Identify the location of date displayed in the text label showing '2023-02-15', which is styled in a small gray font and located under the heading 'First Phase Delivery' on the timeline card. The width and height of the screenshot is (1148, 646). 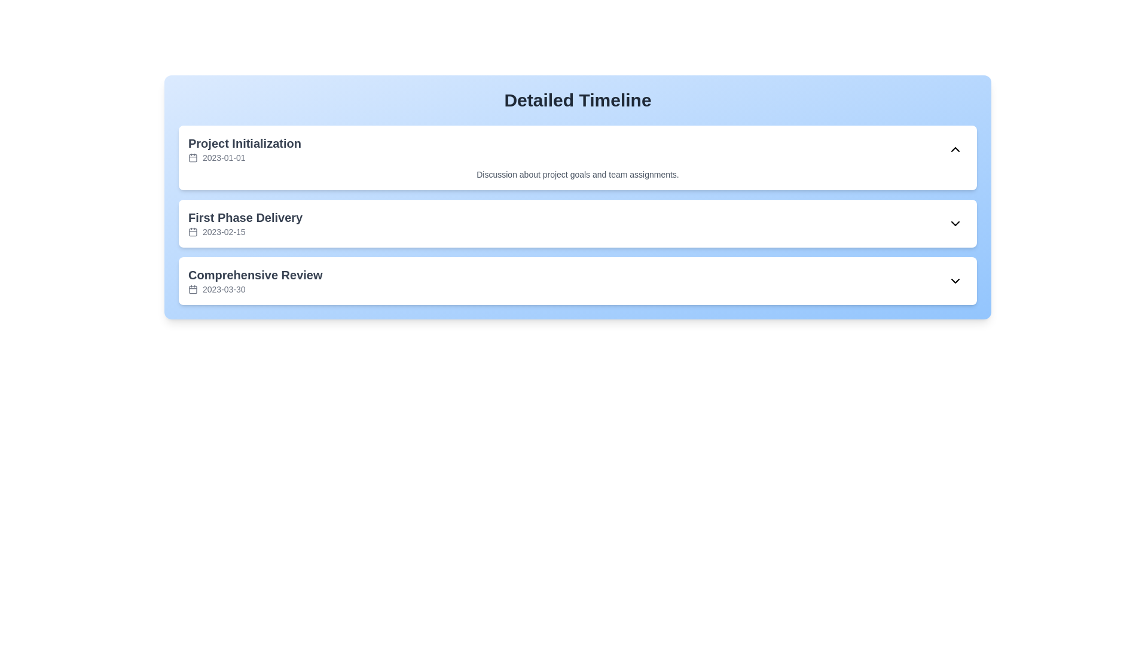
(224, 232).